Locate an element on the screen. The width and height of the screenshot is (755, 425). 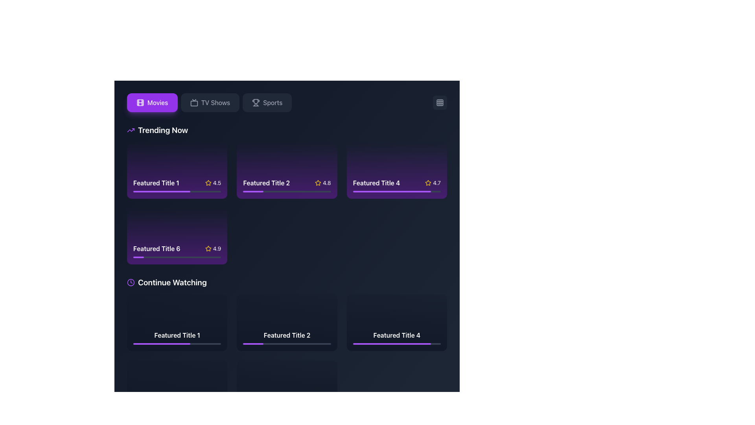
the 'Movies' navigation button which is the first button in a horizontal group of three buttons at the top of the interface to perform keyboard navigation is located at coordinates (152, 102).